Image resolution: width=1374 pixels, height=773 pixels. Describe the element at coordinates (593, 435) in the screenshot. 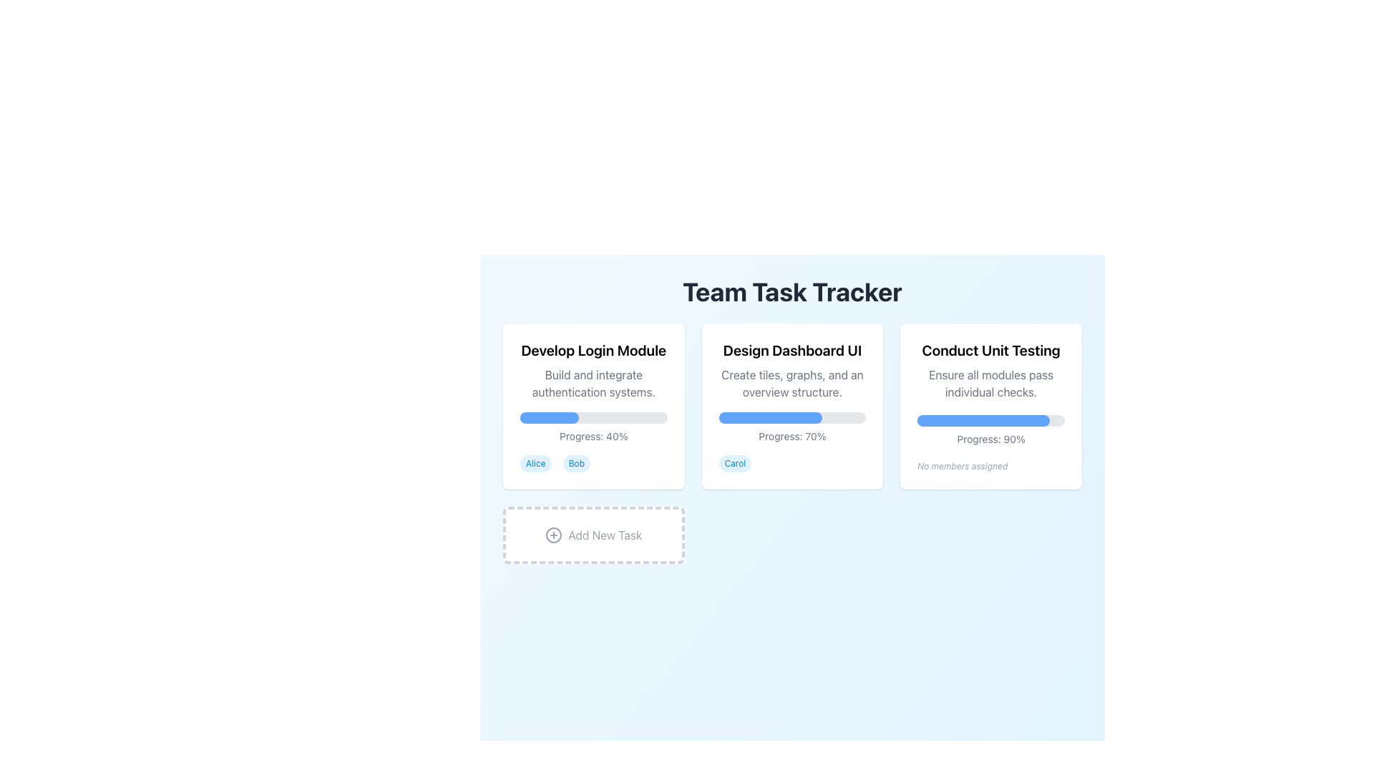

I see `progress percentage from the text label located beneath the progress bar in the leftmost card of the 'Team Task Tracker' section` at that location.